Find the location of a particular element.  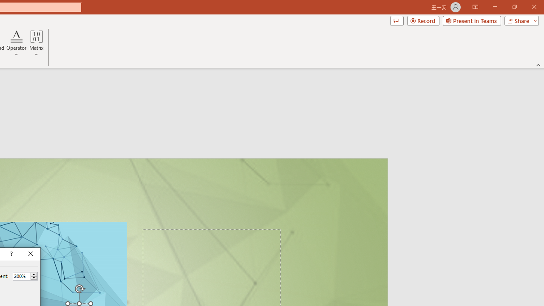

'Percent' is located at coordinates (25, 276).